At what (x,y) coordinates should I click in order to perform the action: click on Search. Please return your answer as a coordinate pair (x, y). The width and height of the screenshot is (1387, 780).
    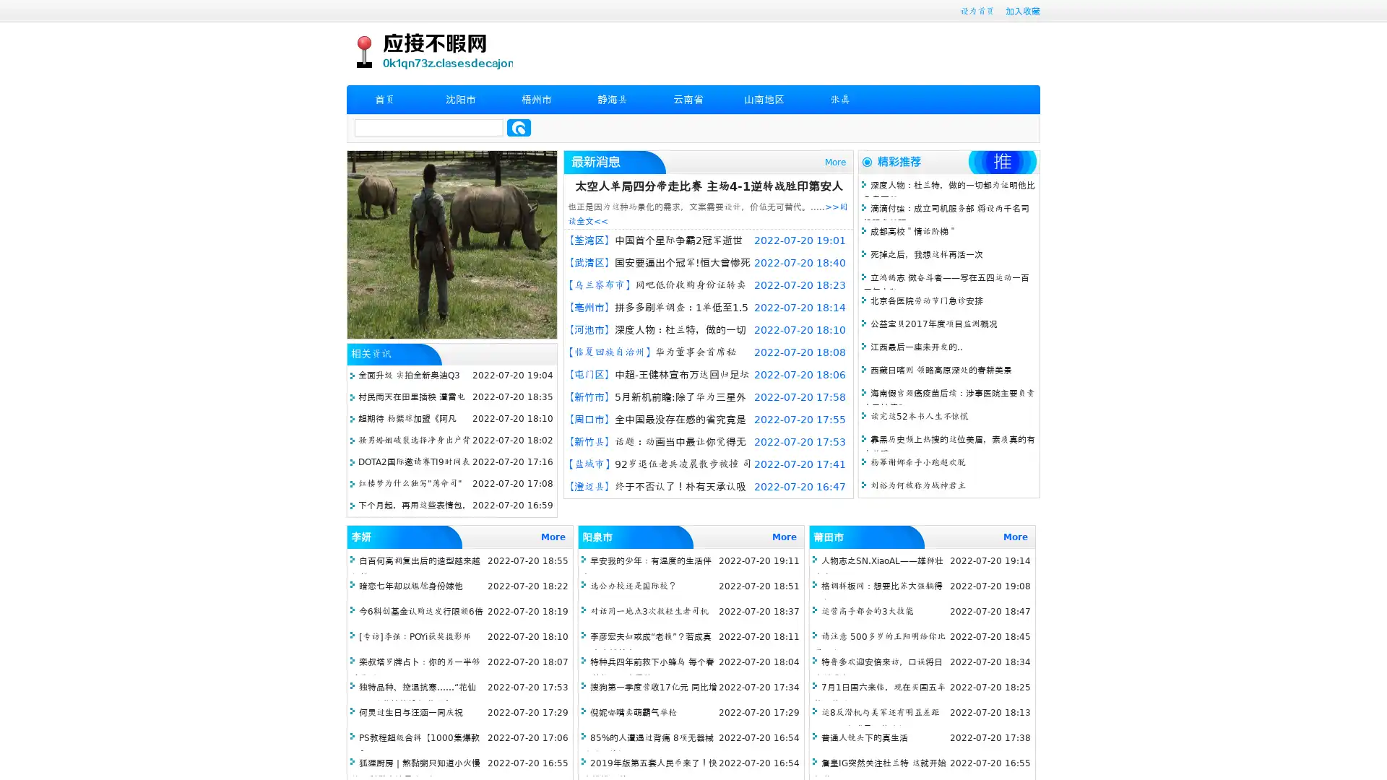
    Looking at the image, I should click on (519, 127).